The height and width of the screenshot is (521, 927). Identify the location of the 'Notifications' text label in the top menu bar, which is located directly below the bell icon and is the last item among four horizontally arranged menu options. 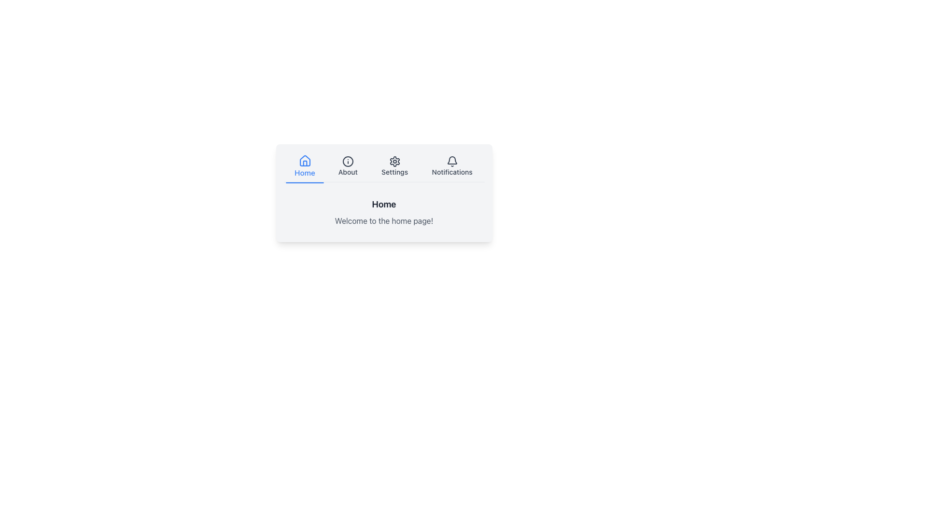
(451, 172).